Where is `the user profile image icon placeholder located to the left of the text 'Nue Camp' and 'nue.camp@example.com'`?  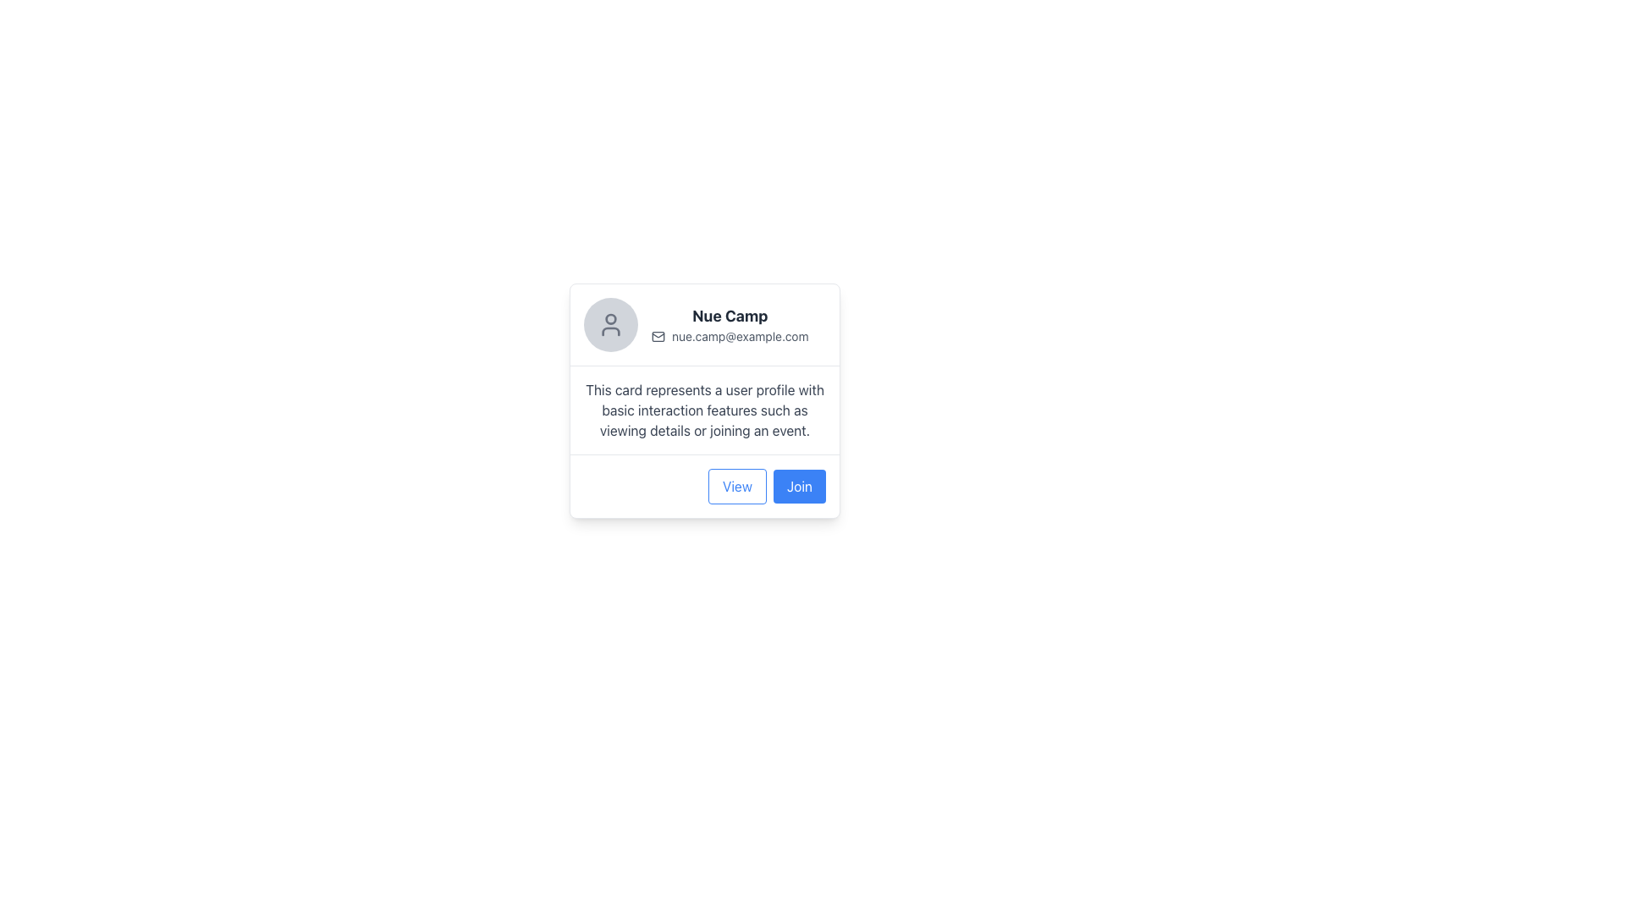 the user profile image icon placeholder located to the left of the text 'Nue Camp' and 'nue.camp@example.com' is located at coordinates (609, 325).